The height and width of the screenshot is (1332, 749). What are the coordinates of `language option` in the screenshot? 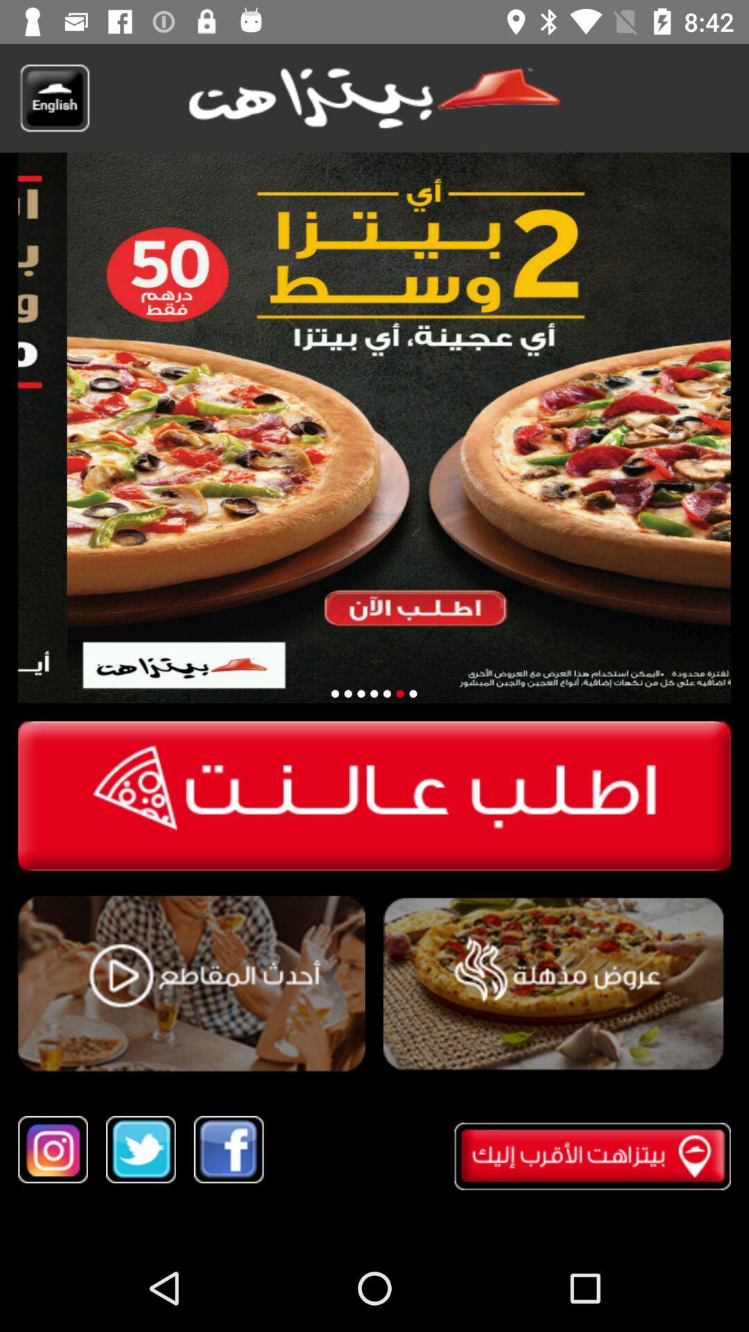 It's located at (53, 97).